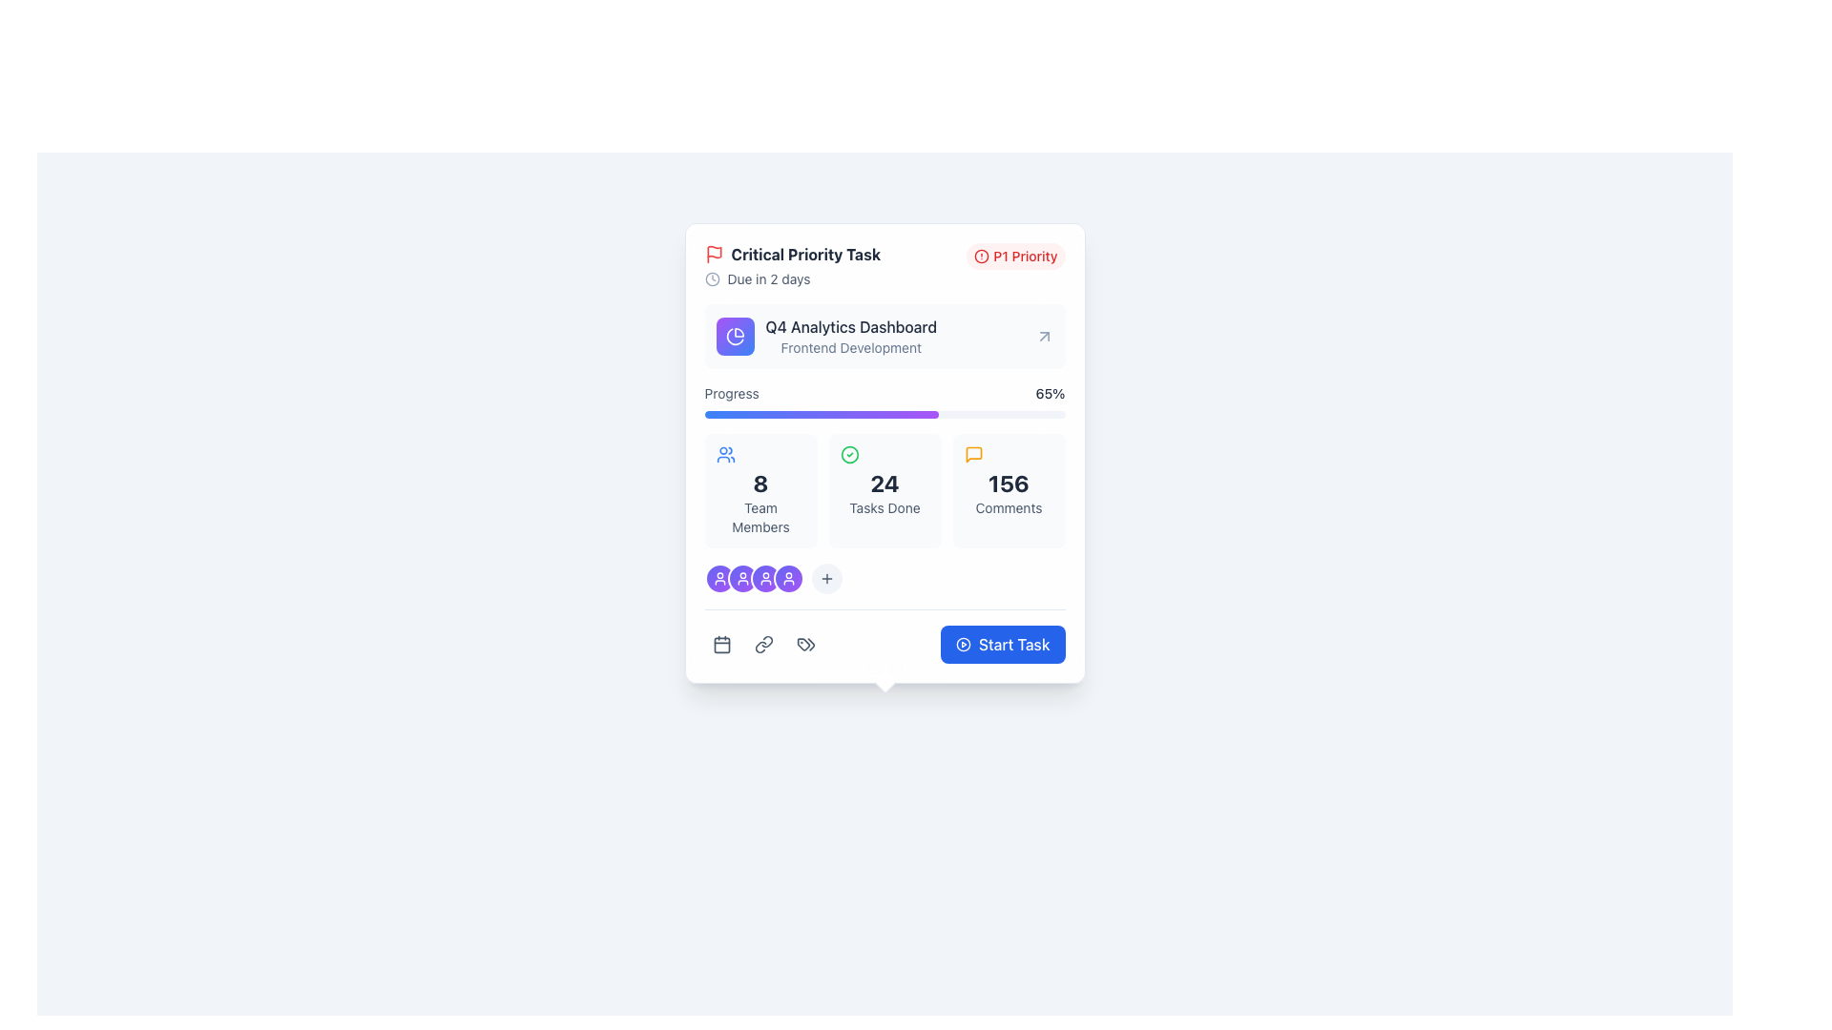 This screenshot has width=1832, height=1030. I want to click on the 'Tasks Done' text label displayed in a small-sized, gray font, which is styled with the class 'text-sm text-slate-600' and is located below the bold number '24', so click(884, 506).